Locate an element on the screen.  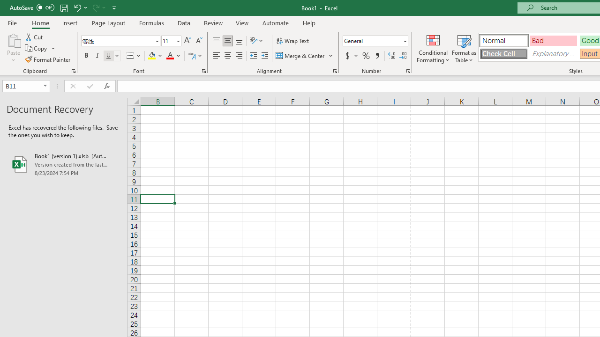
'Format Cell Alignment' is located at coordinates (335, 70).